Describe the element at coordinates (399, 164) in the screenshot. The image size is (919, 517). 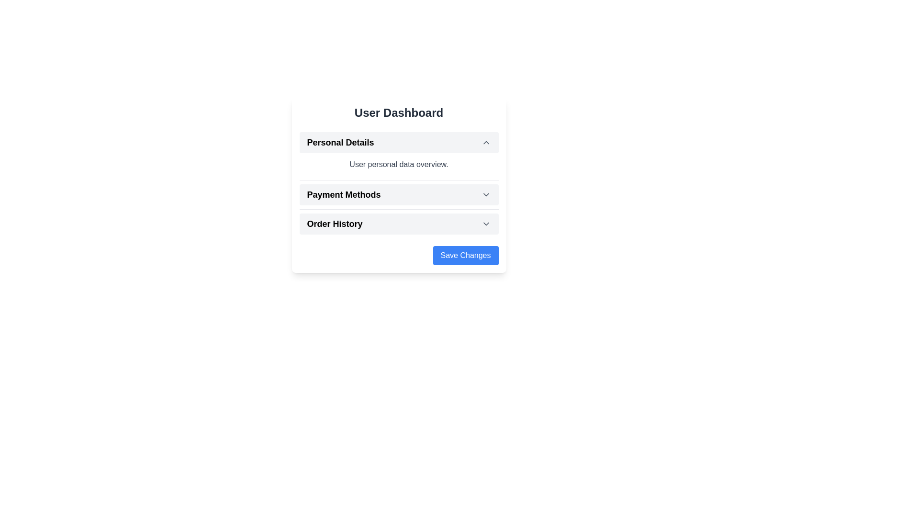
I see `the text label that reads 'User personal data overview' located in the 'Personal Details' section of the User Dashboard interface` at that location.